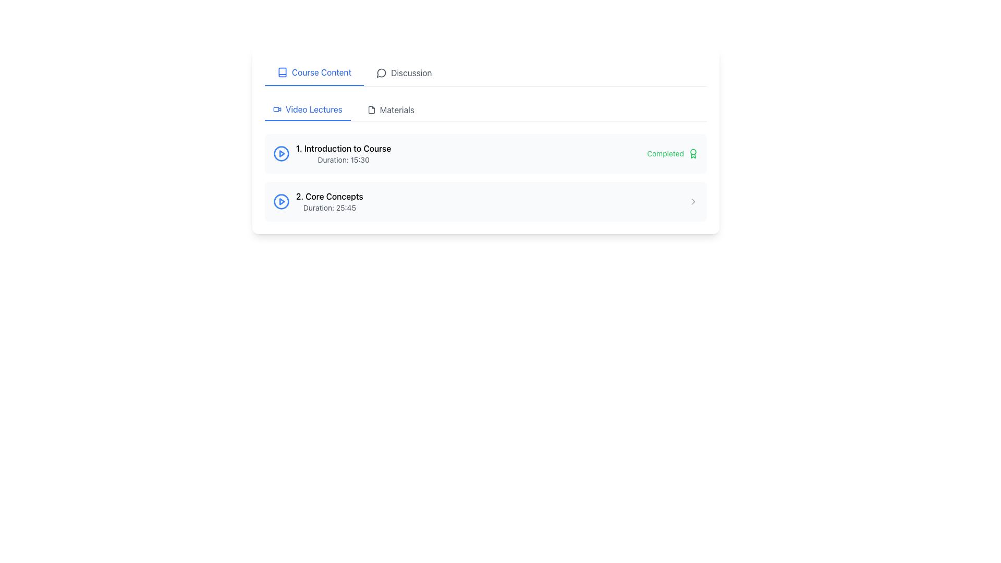 This screenshot has width=1001, height=563. I want to click on the 'Course Content' tab icon located at the top-left corner of the interface, which serves as a visual indicator for the tab label, so click(283, 71).